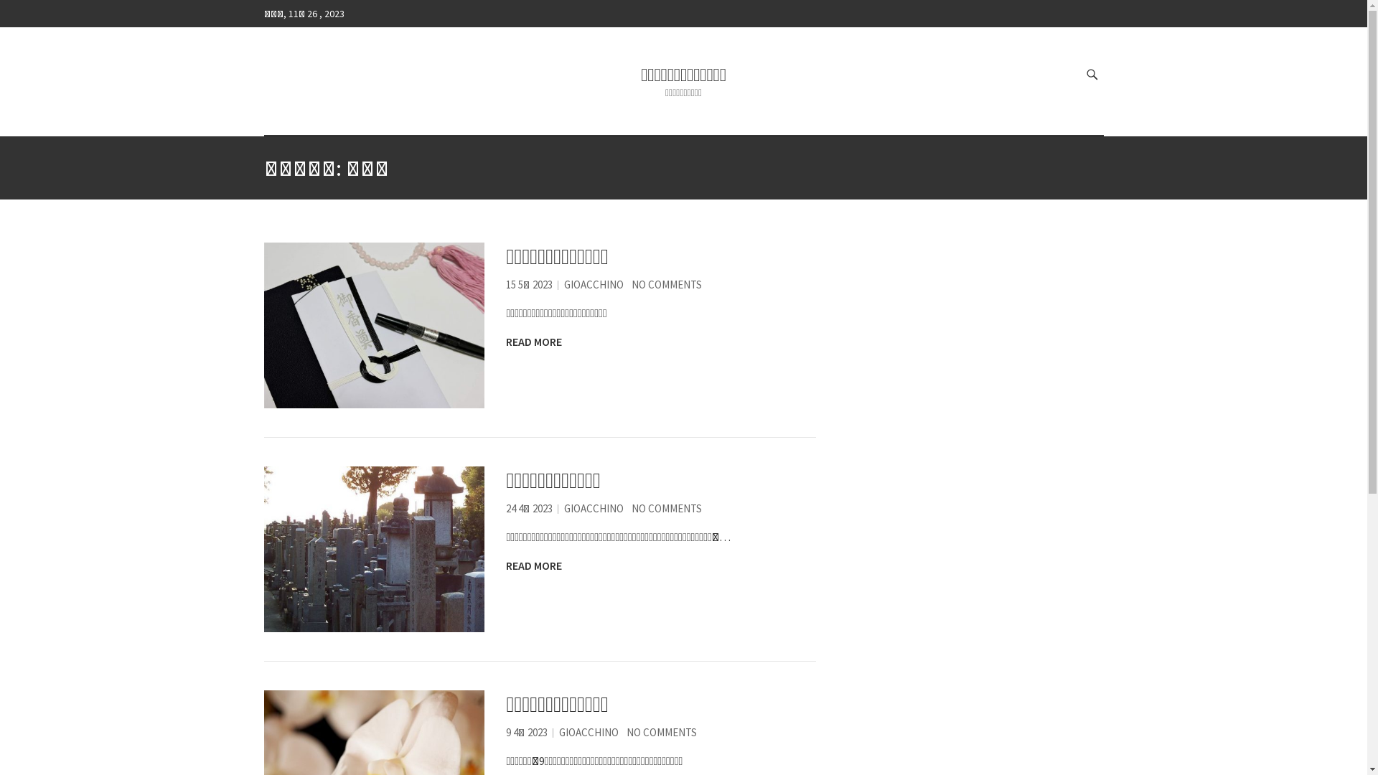 This screenshot has width=1378, height=775. What do you see at coordinates (627, 732) in the screenshot?
I see `'NO COMMENTS'` at bounding box center [627, 732].